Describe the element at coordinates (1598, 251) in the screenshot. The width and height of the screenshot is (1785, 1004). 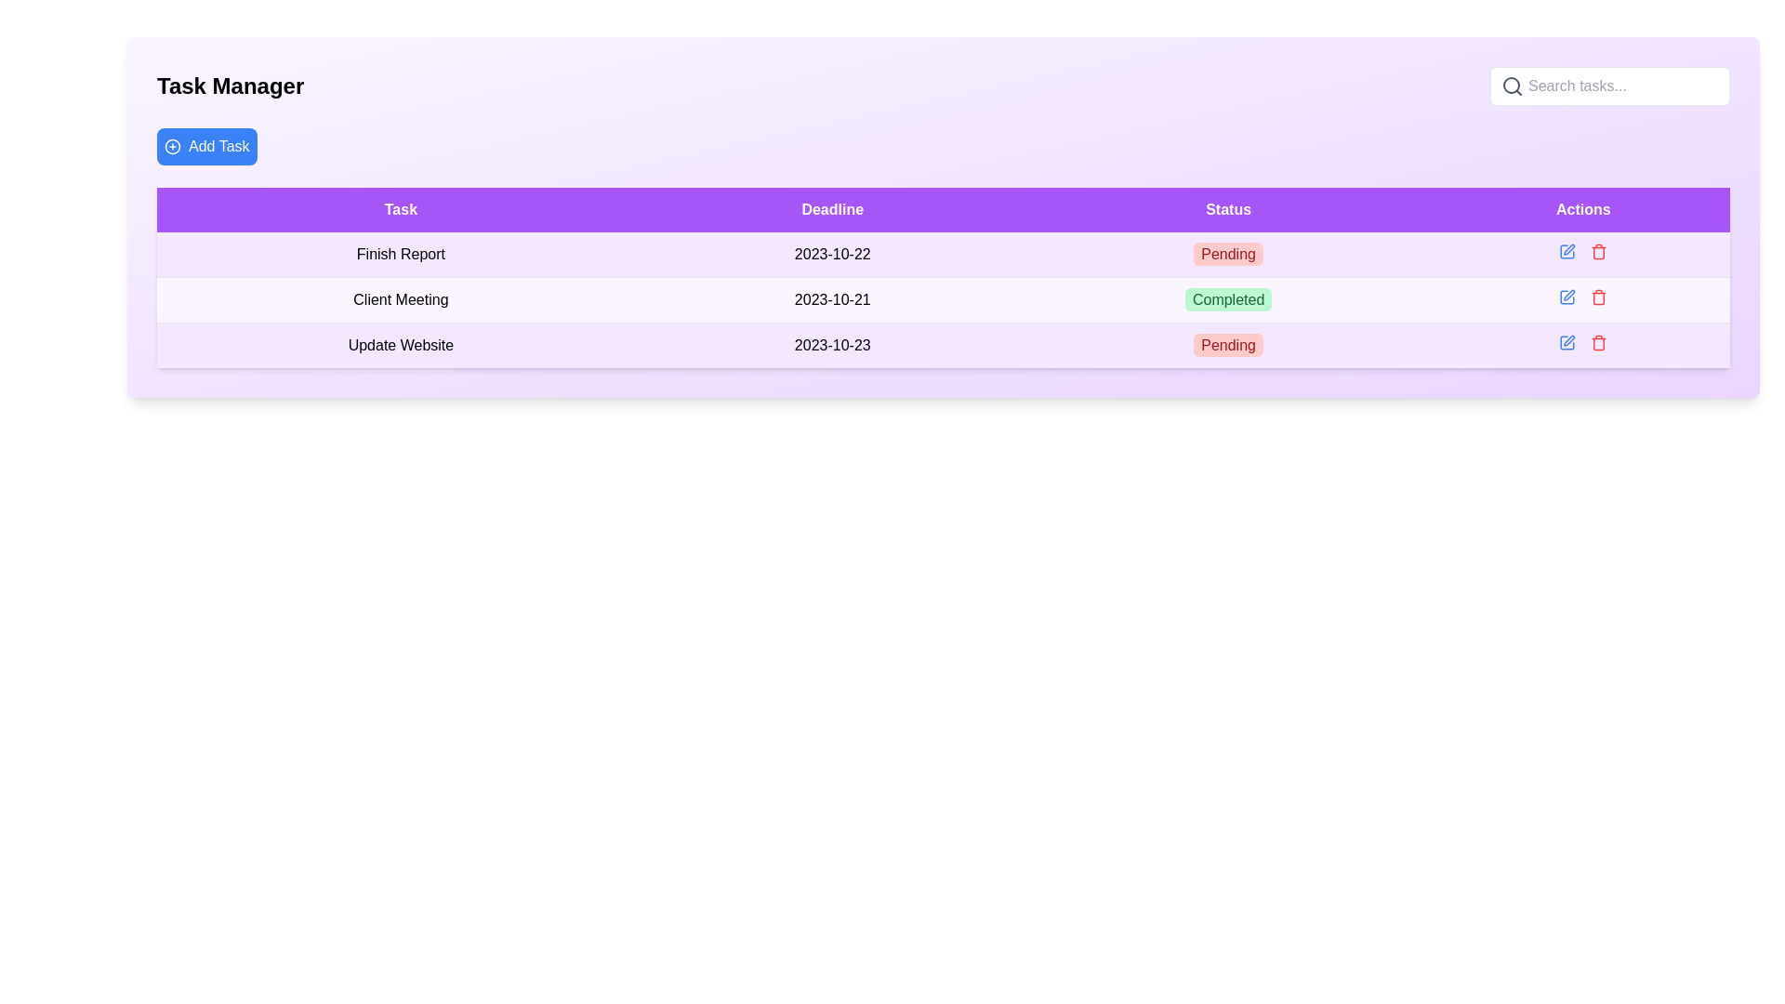
I see `the delete button located in the actions column of the 'Update Website' task row, which is the second icon to the right of the blue edit icon` at that location.